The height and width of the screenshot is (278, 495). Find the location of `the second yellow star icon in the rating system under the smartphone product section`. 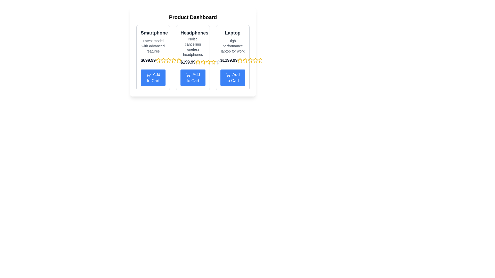

the second yellow star icon in the rating system under the smartphone product section is located at coordinates (158, 60).